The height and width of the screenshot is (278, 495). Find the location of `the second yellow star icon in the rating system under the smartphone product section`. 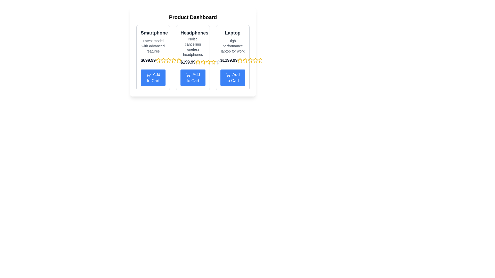

the second yellow star icon in the rating system under the smartphone product section is located at coordinates (158, 60).